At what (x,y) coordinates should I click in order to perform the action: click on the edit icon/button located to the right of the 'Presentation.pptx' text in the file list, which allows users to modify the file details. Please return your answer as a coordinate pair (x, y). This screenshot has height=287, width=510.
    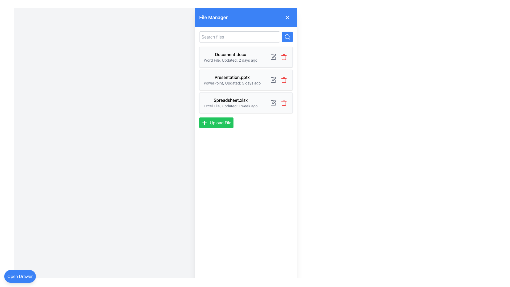
    Looking at the image, I should click on (274, 56).